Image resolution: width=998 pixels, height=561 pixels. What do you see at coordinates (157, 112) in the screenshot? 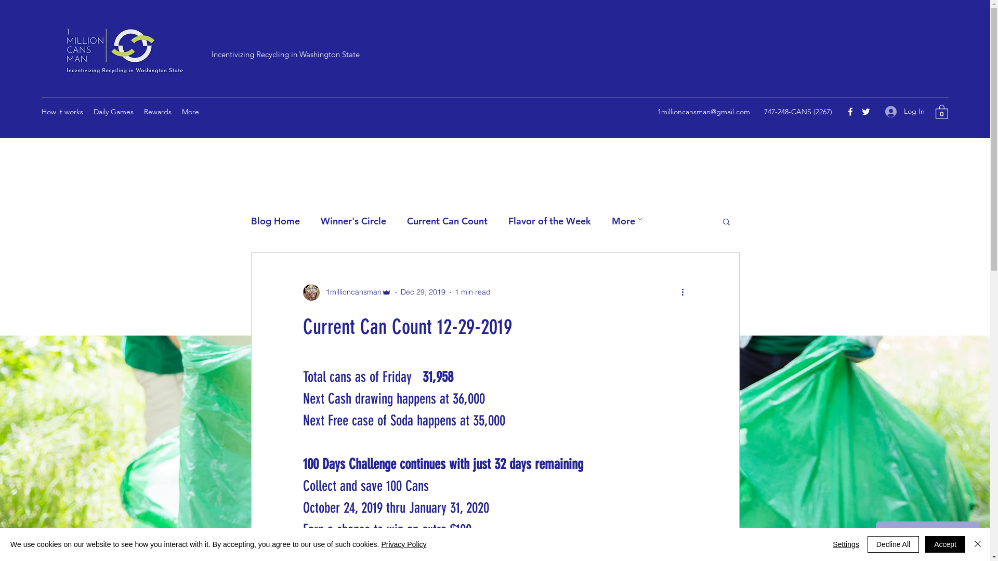
I see `'Rewards'` at bounding box center [157, 112].